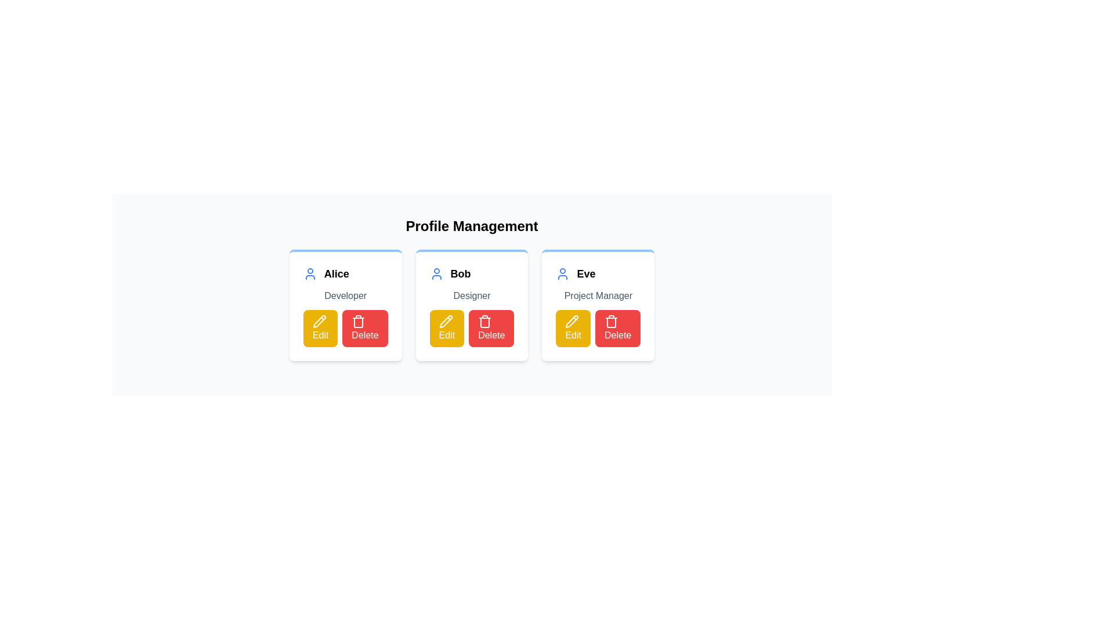 The image size is (1114, 627). I want to click on the pencil-shaped icon within the yellow rectangular button under the 'Eve' profile card, so click(572, 322).